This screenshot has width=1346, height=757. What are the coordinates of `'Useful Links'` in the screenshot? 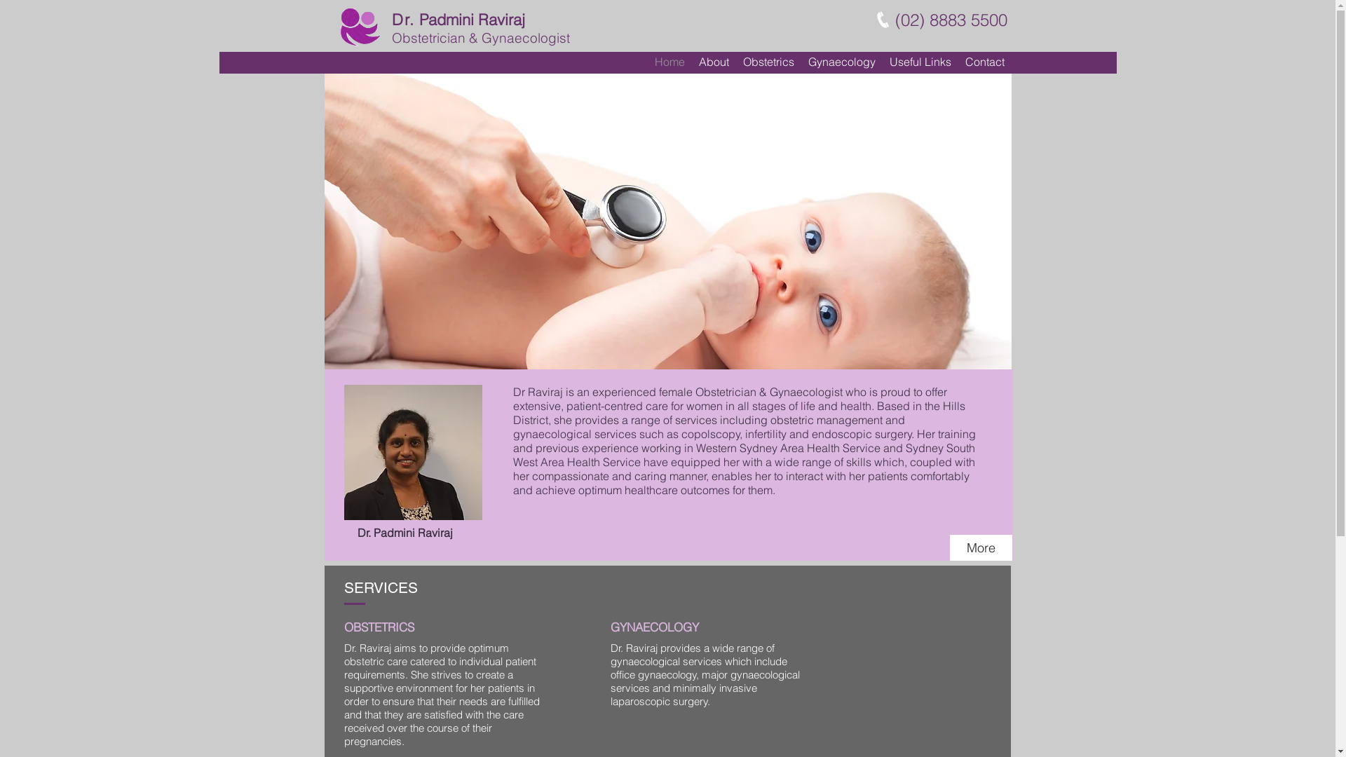 It's located at (919, 61).